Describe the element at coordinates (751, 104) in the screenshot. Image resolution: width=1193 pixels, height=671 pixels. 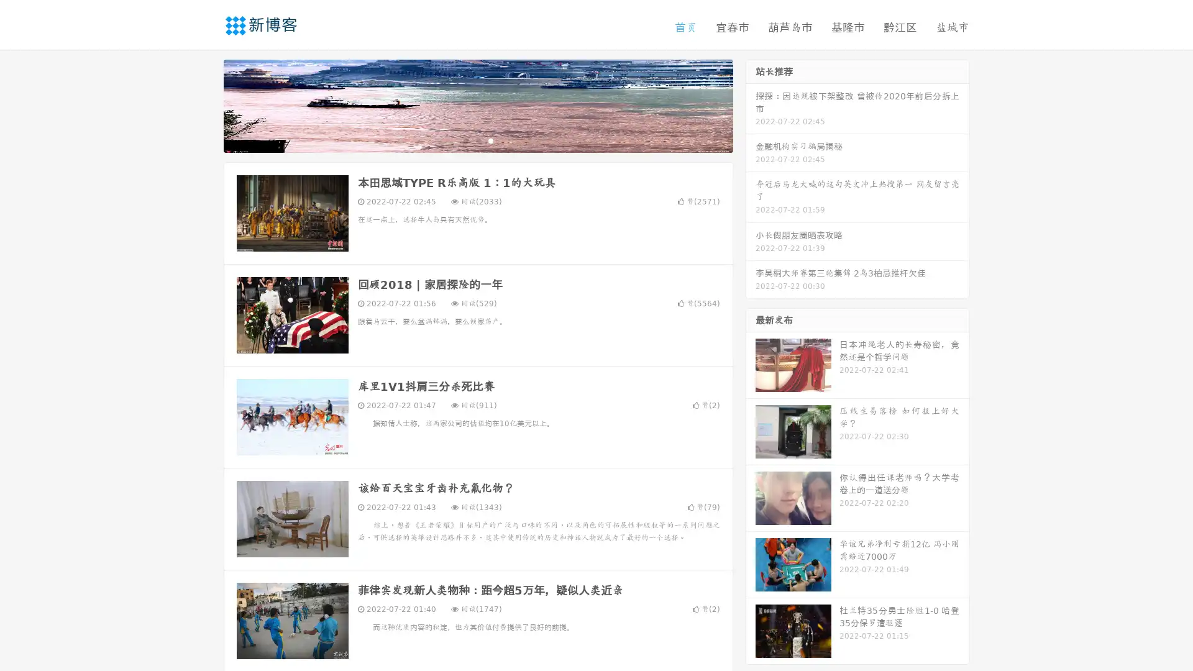
I see `Next slide` at that location.